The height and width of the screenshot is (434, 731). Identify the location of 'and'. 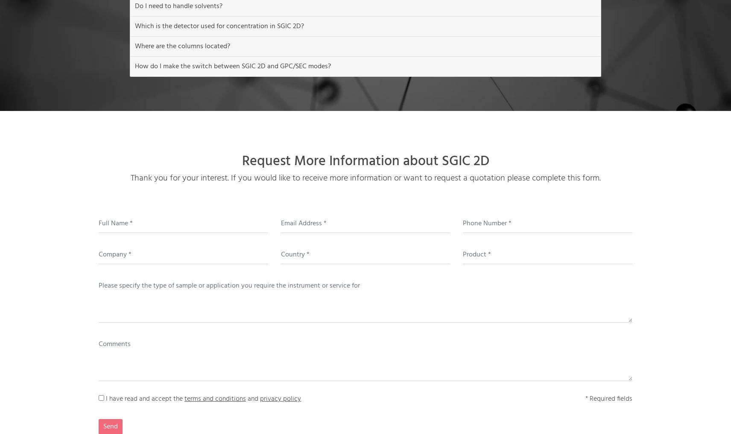
(252, 399).